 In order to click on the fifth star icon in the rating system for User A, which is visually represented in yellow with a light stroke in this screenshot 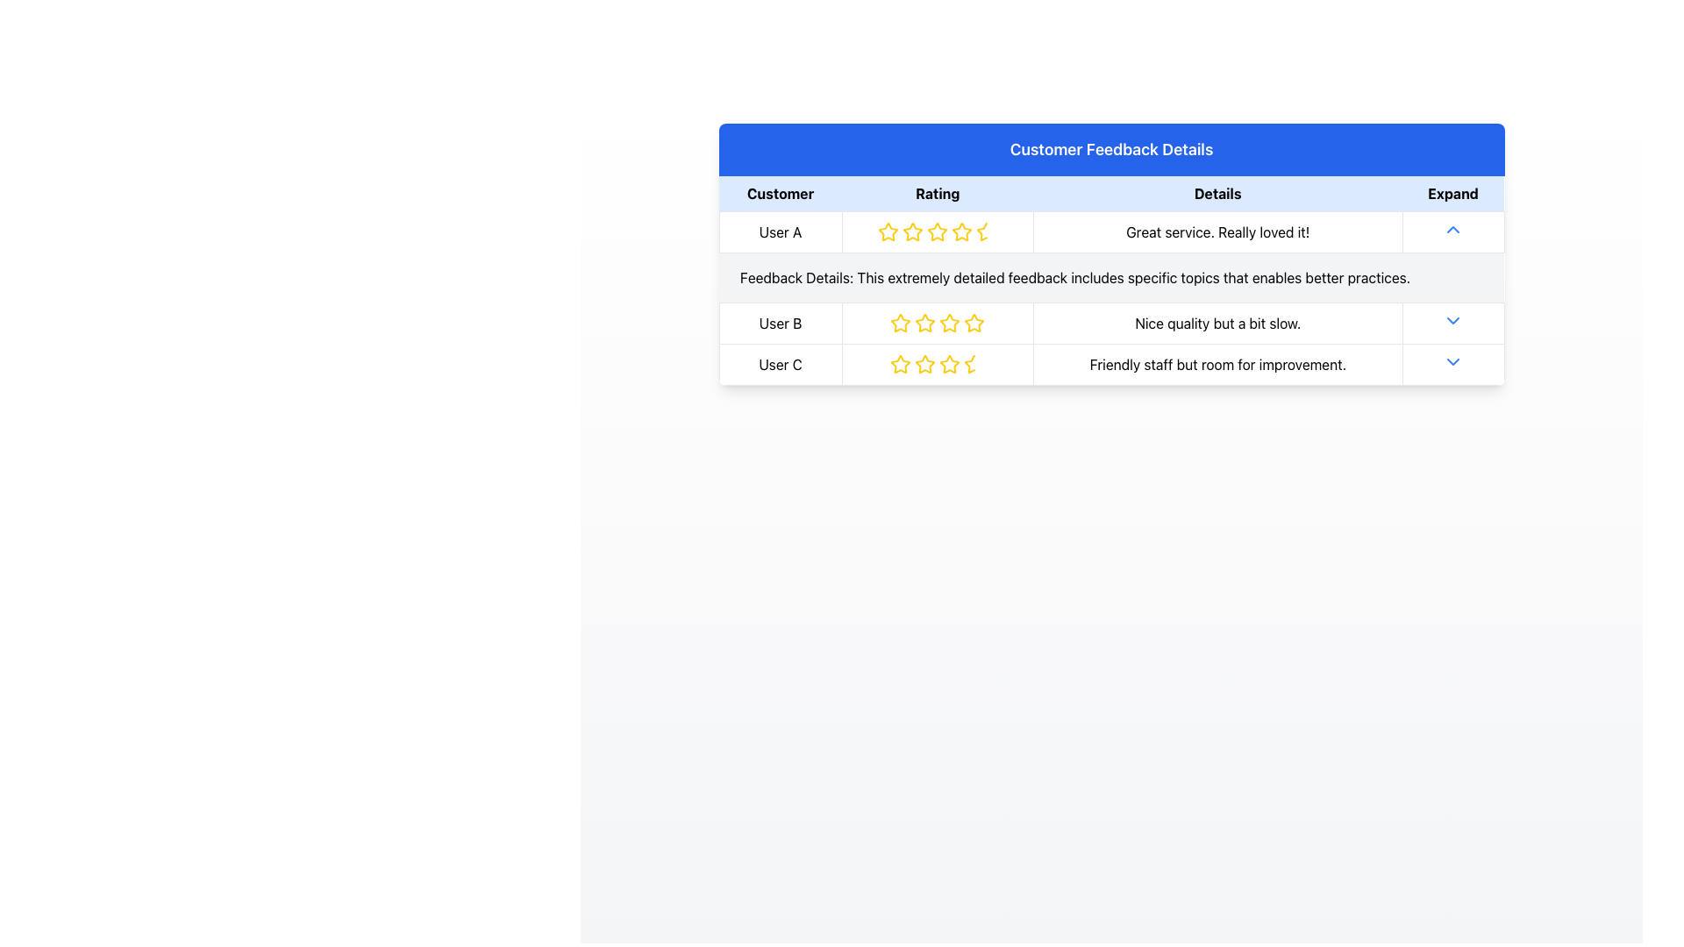, I will do `click(961, 231)`.